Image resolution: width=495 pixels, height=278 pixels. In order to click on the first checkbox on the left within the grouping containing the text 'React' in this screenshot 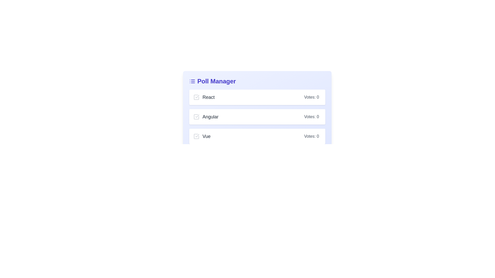, I will do `click(196, 97)`.